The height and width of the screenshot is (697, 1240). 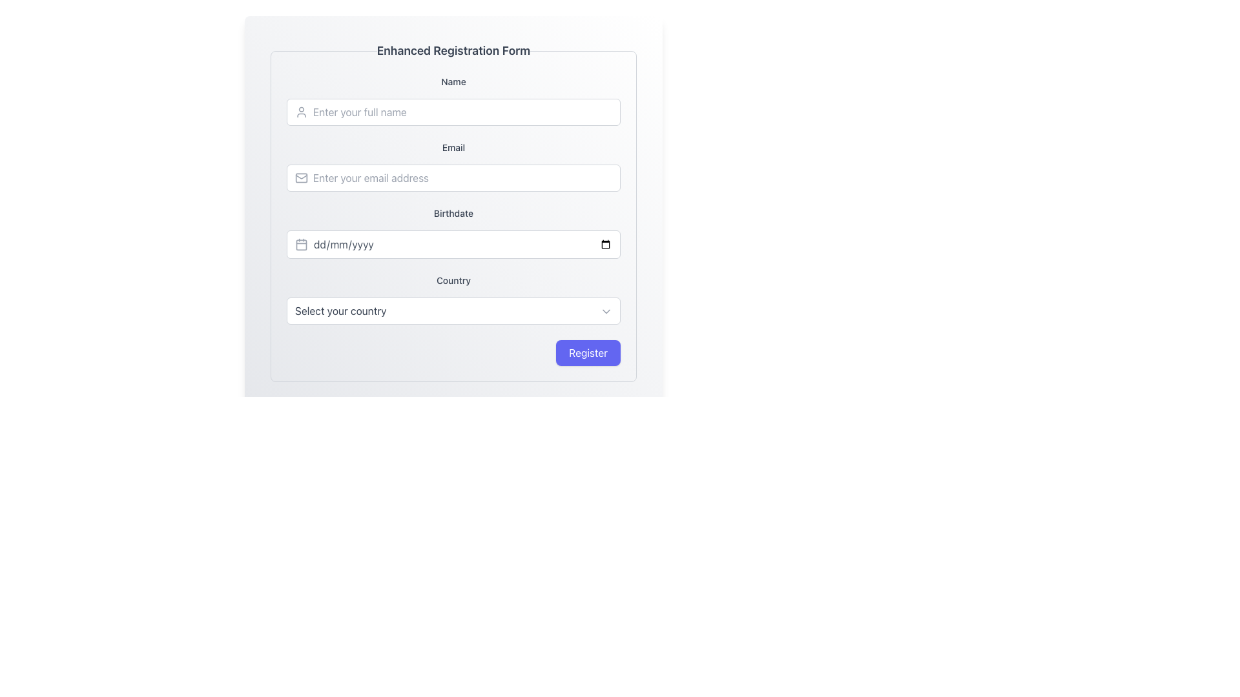 I want to click on the 'Country' label which is a gray text label above the dropdown menu for selecting a country, located below the 'Birthdate' input field, so click(x=453, y=280).